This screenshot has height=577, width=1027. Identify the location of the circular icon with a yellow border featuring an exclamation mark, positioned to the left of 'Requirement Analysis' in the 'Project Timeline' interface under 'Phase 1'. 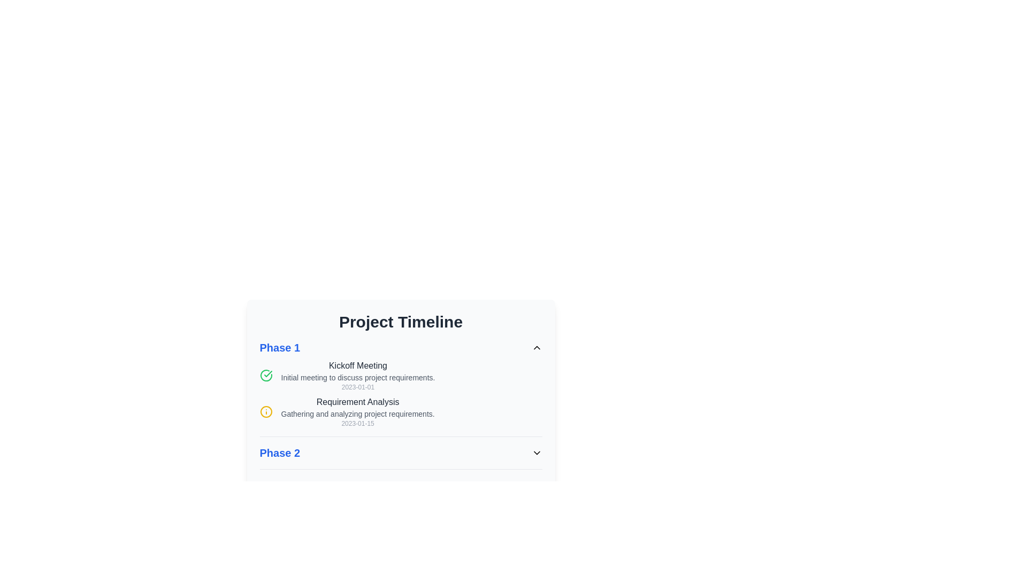
(266, 411).